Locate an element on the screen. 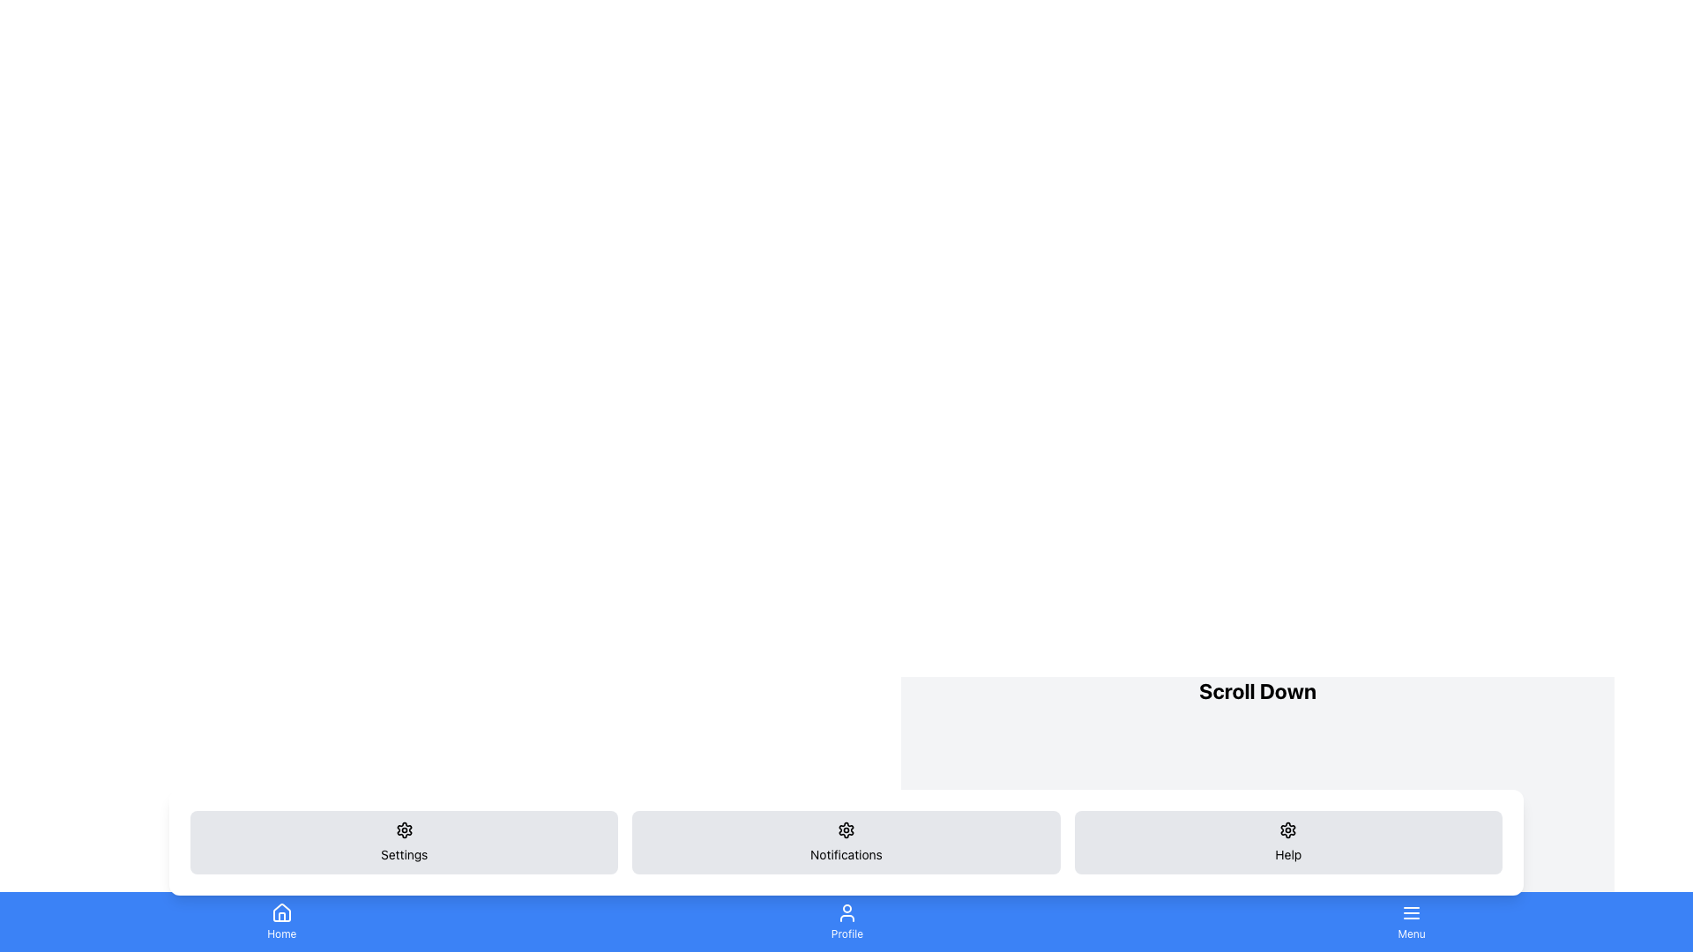  the menu icon located in the bottom navigation bar is located at coordinates (1412, 912).